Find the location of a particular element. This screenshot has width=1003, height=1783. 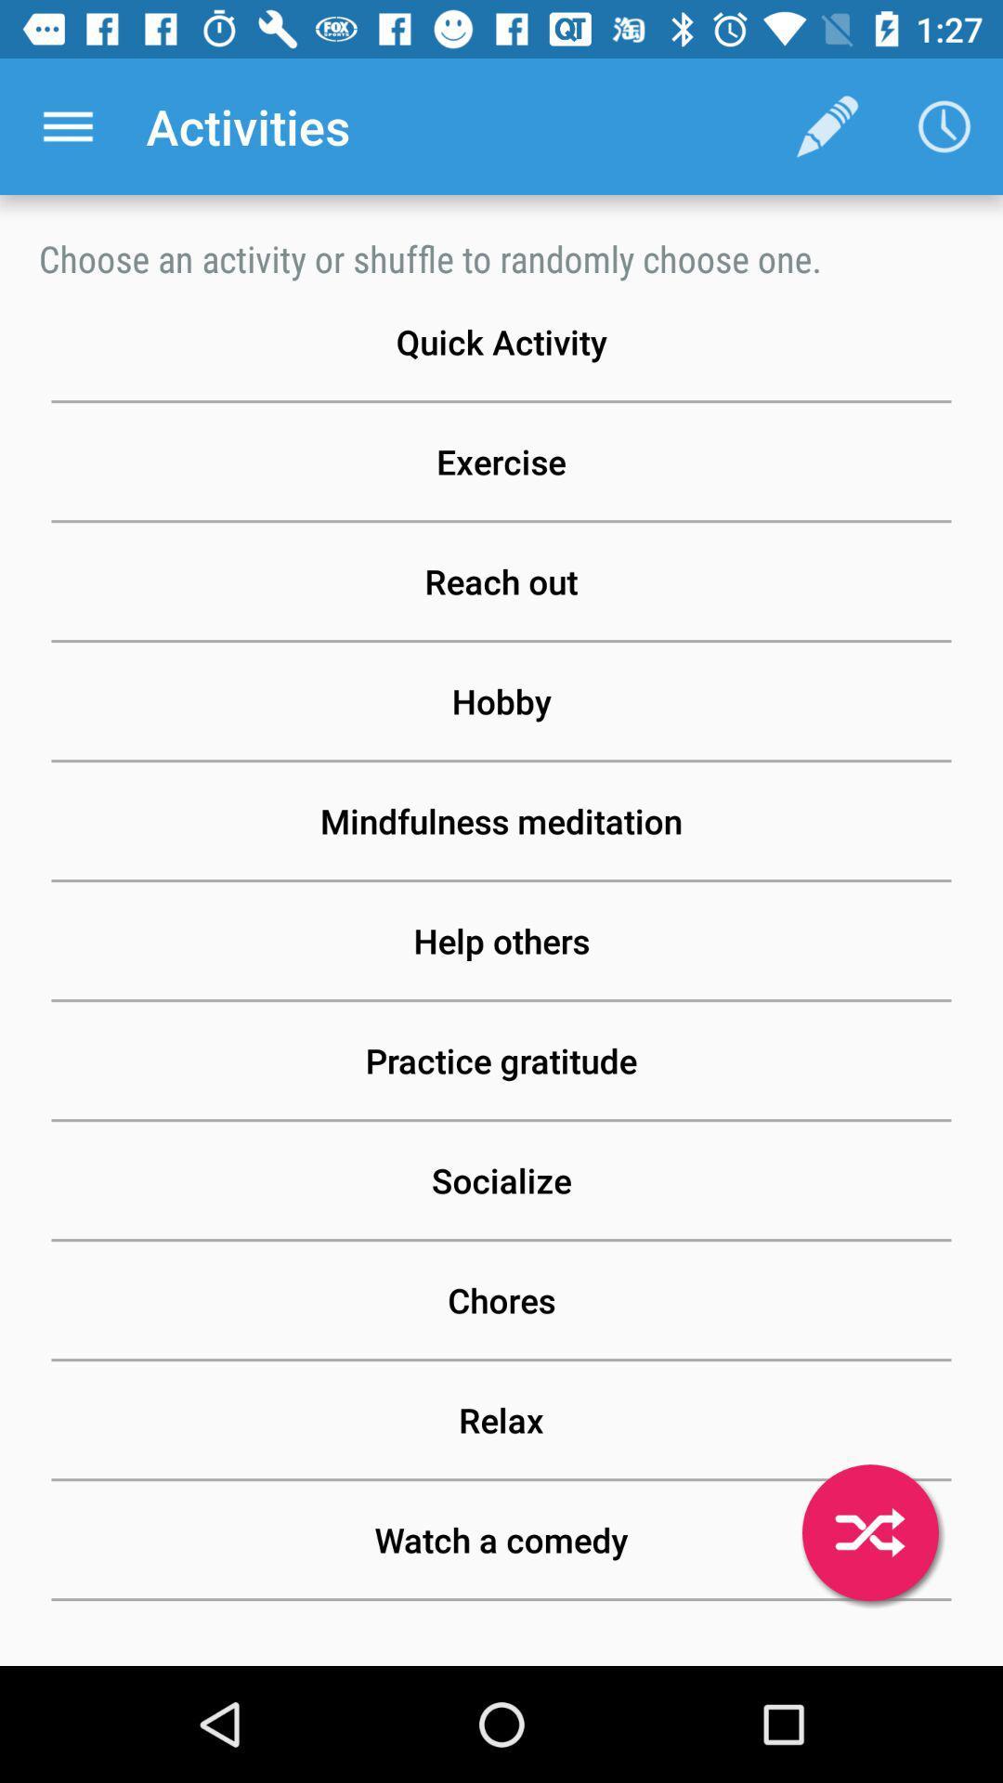

mindfulness meditation is located at coordinates (501, 820).